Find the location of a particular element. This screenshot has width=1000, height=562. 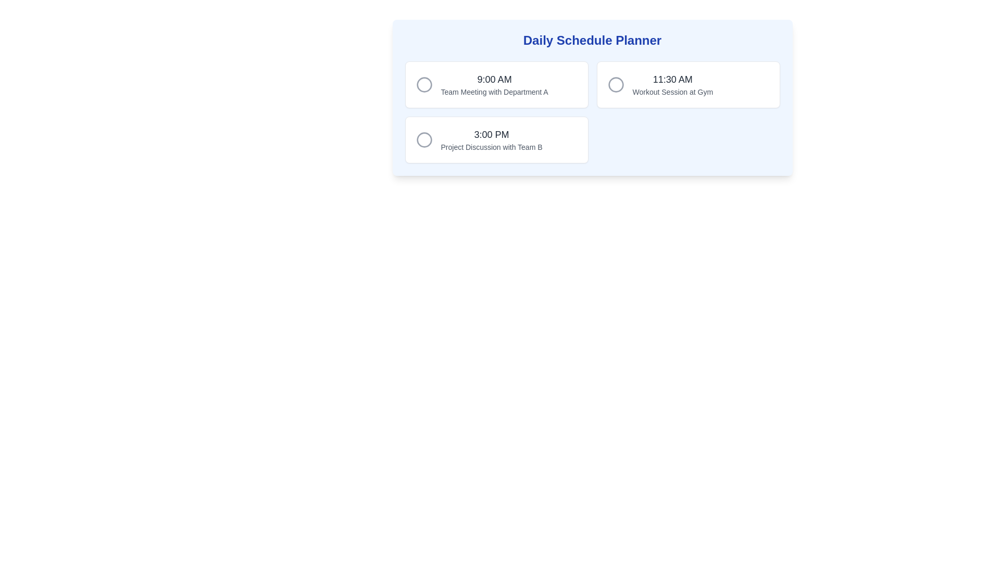

the SVG circle icon located on the right side of the second row in the schedule pane is located at coordinates (616, 84).